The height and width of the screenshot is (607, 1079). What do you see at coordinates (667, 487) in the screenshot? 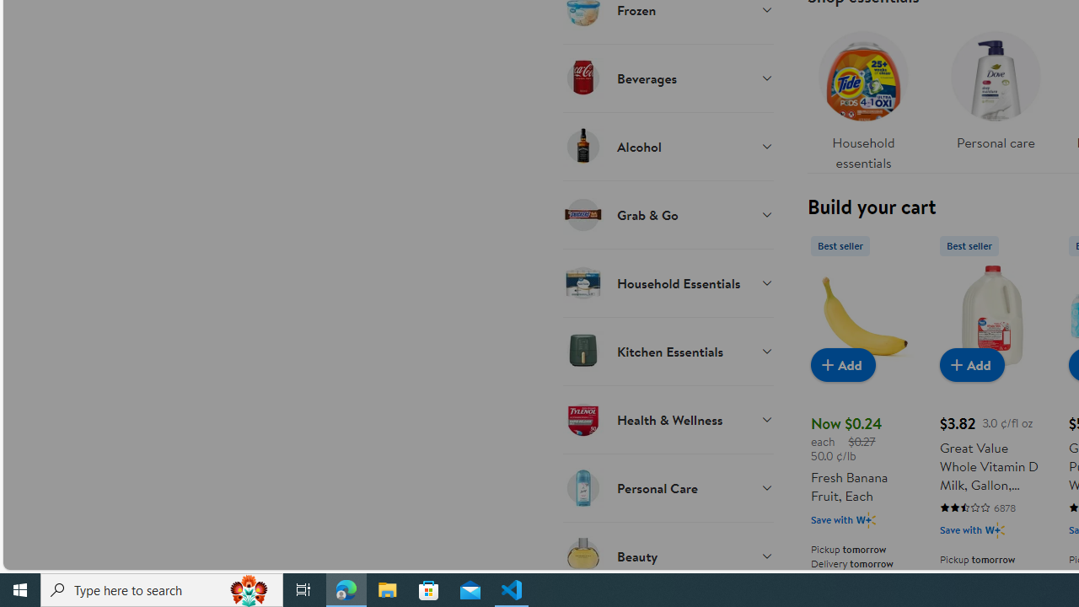
I see `'Personal Care'` at bounding box center [667, 487].